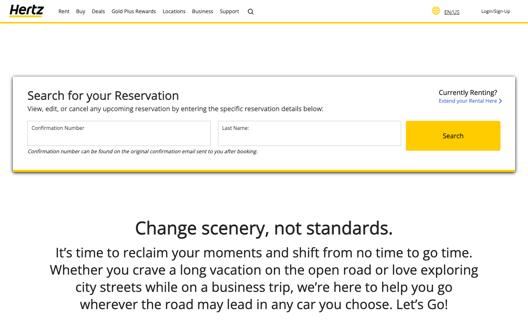 The width and height of the screenshot is (528, 330). Describe the element at coordinates (470, 96) in the screenshot. I see `the rental extension option` at that location.